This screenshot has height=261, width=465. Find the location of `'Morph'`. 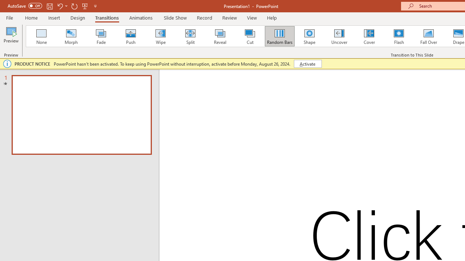

'Morph' is located at coordinates (71, 36).